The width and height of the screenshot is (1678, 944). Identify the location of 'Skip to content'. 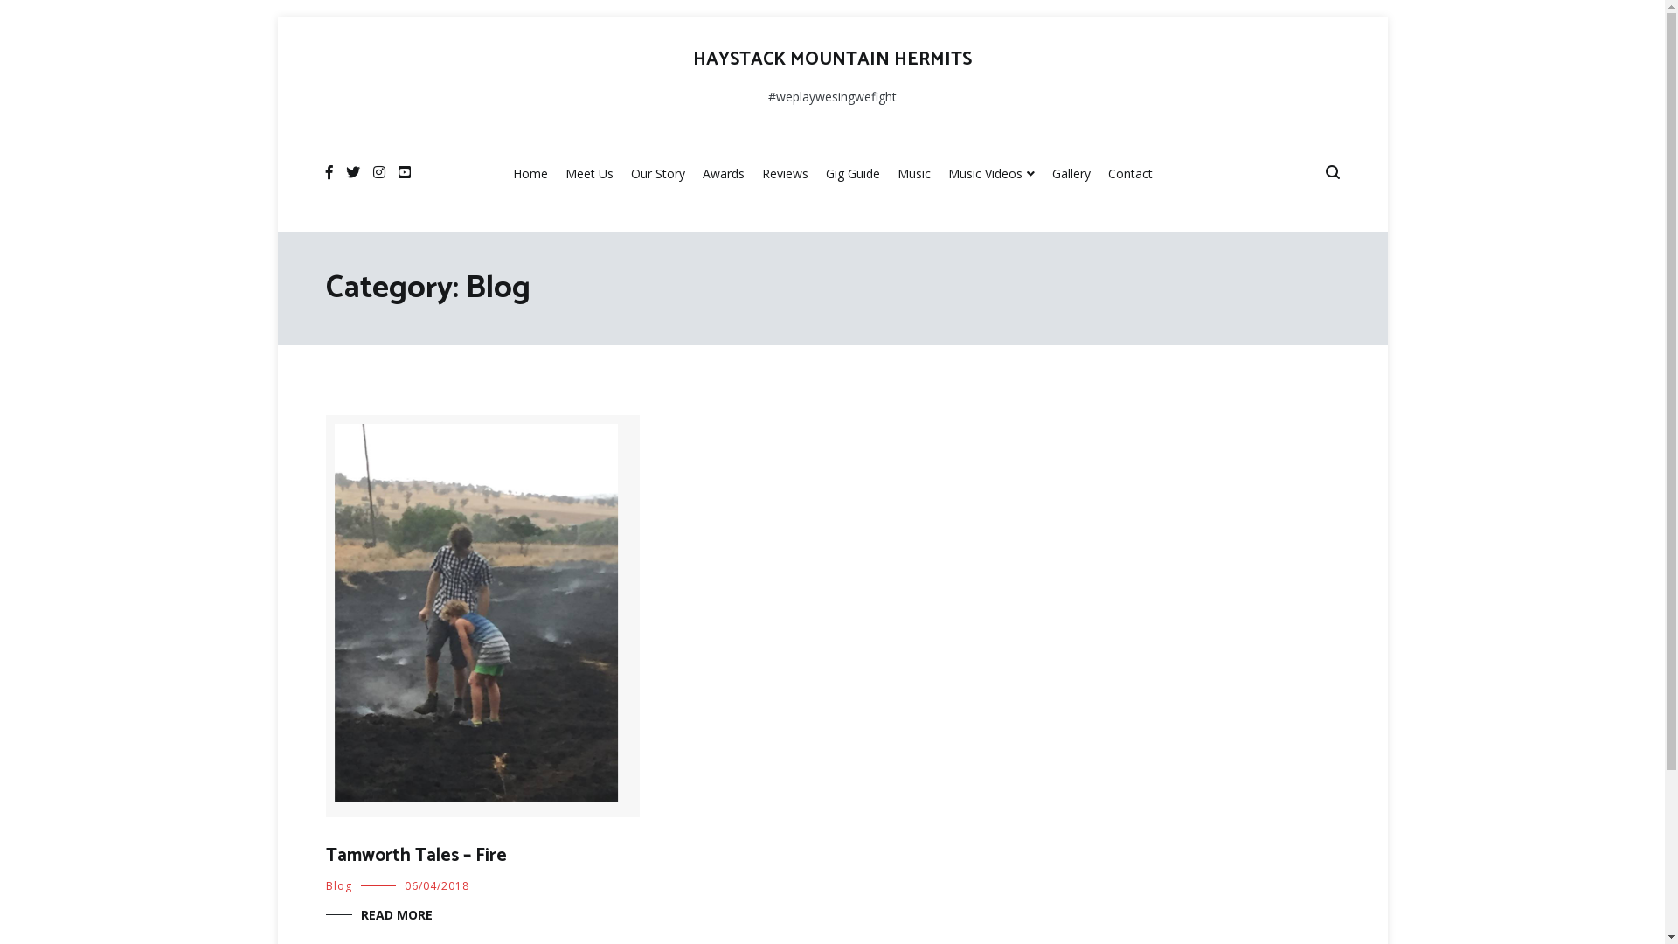
(275, 17).